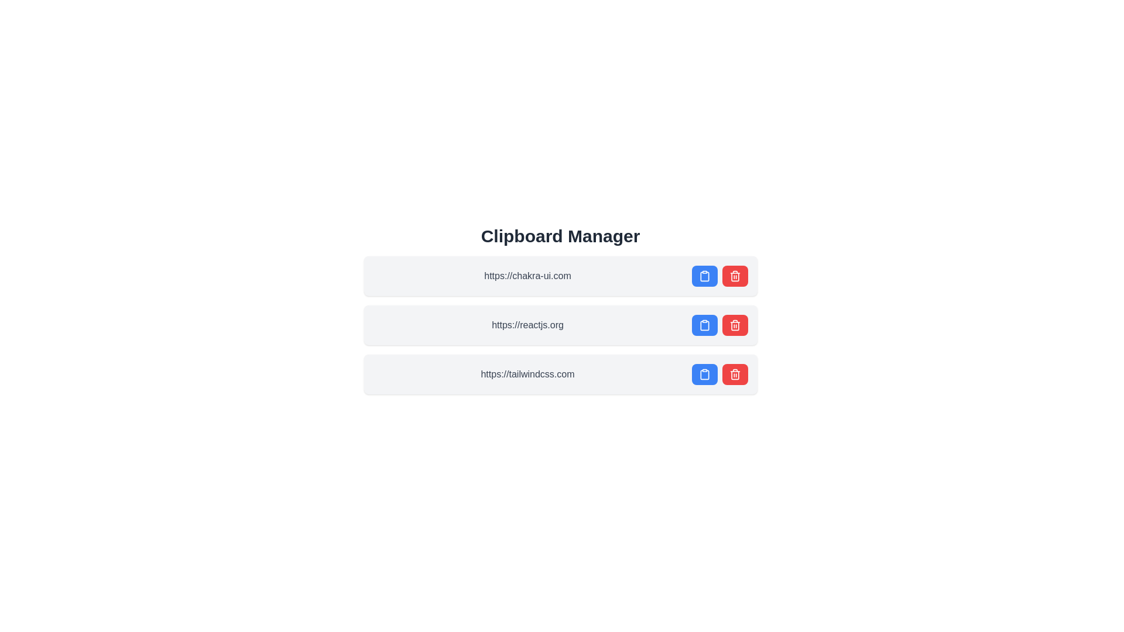 The width and height of the screenshot is (1124, 632). What do you see at coordinates (527, 325) in the screenshot?
I see `the Text label displaying a URL in the Clipboard Manager interface` at bounding box center [527, 325].